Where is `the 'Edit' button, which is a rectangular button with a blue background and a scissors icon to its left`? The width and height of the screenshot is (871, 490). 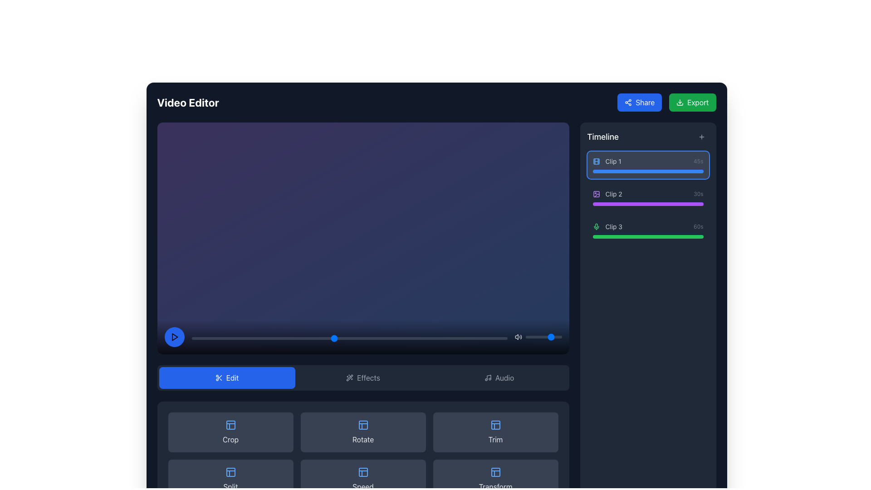 the 'Edit' button, which is a rectangular button with a blue background and a scissors icon to its left is located at coordinates (227, 377).